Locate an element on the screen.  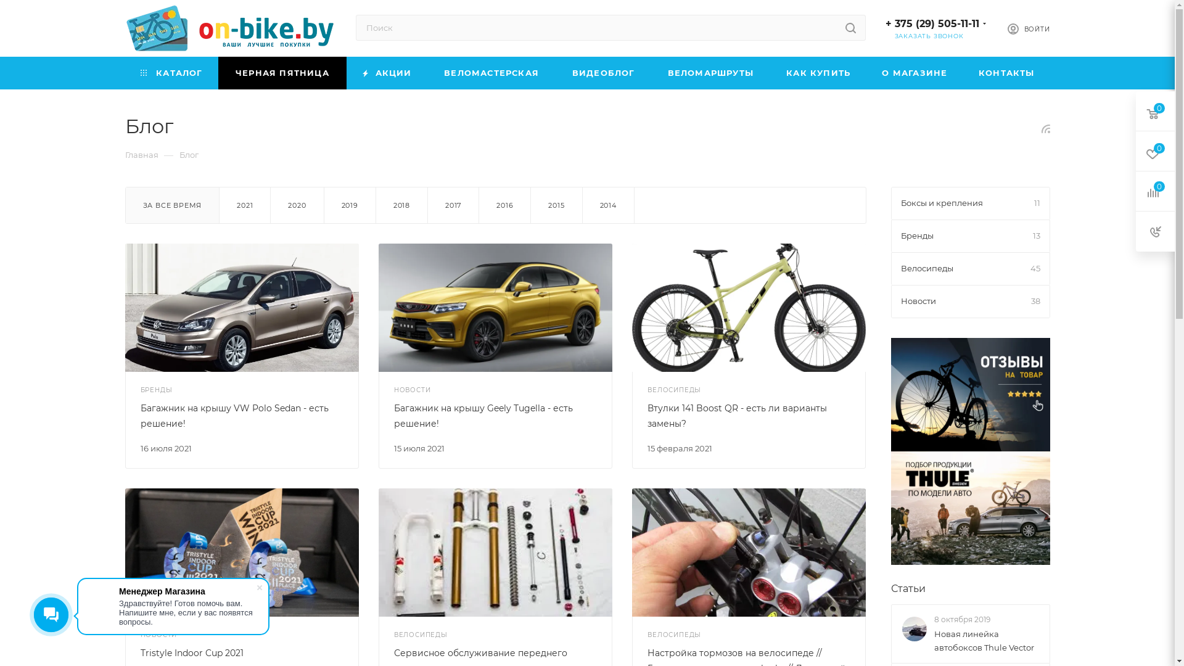
'2017' is located at coordinates (428, 204).